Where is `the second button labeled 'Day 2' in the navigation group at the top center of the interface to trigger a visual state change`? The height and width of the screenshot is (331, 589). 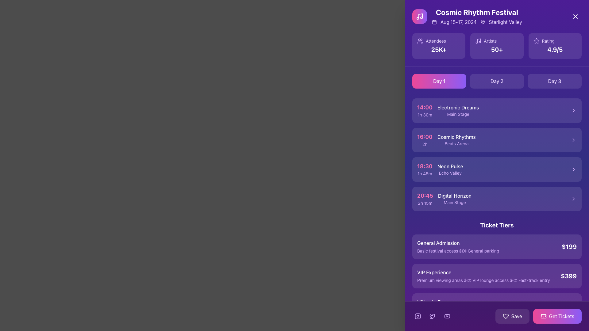
the second button labeled 'Day 2' in the navigation group at the top center of the interface to trigger a visual state change is located at coordinates (497, 81).